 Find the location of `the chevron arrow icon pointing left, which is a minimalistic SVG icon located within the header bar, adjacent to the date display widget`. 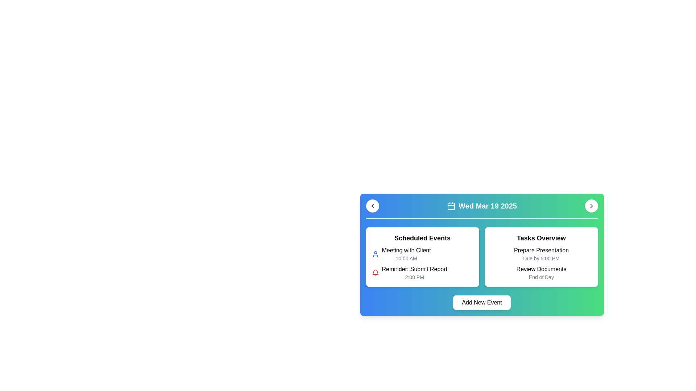

the chevron arrow icon pointing left, which is a minimalistic SVG icon located within the header bar, adjacent to the date display widget is located at coordinates (372, 206).